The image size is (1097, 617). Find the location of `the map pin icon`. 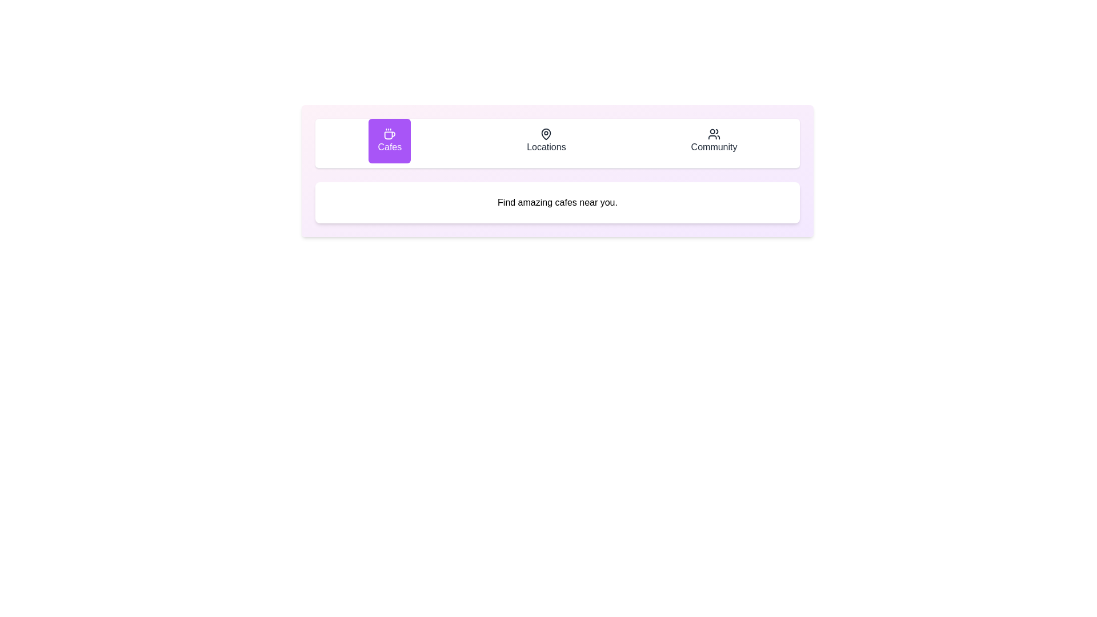

the map pin icon is located at coordinates (546, 134).